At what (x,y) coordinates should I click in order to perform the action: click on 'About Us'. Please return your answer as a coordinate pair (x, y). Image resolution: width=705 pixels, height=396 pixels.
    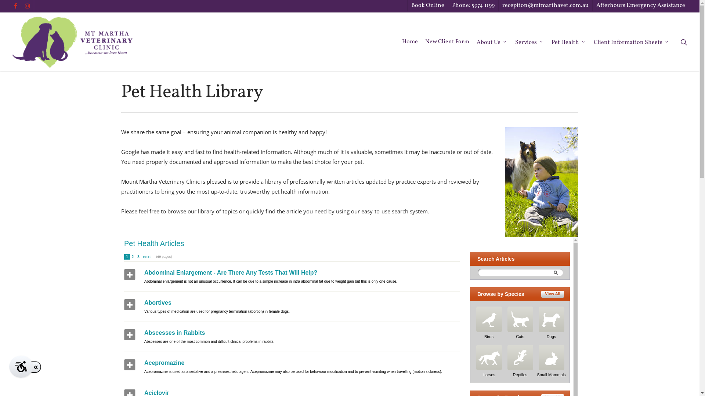
    Looking at the image, I should click on (476, 42).